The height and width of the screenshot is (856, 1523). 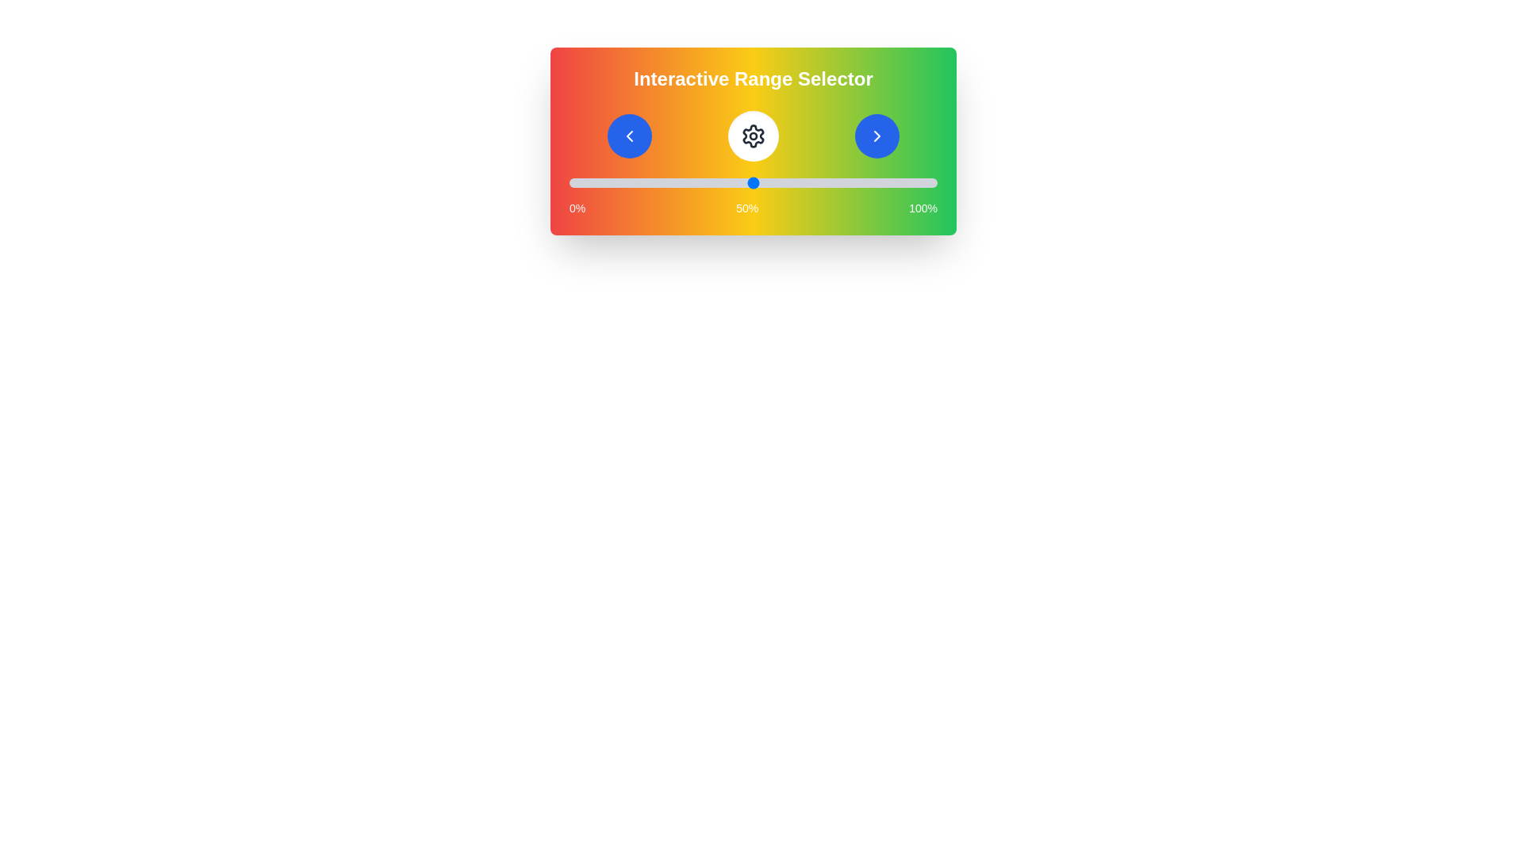 What do you see at coordinates (727, 182) in the screenshot?
I see `the slider to set the value to 43` at bounding box center [727, 182].